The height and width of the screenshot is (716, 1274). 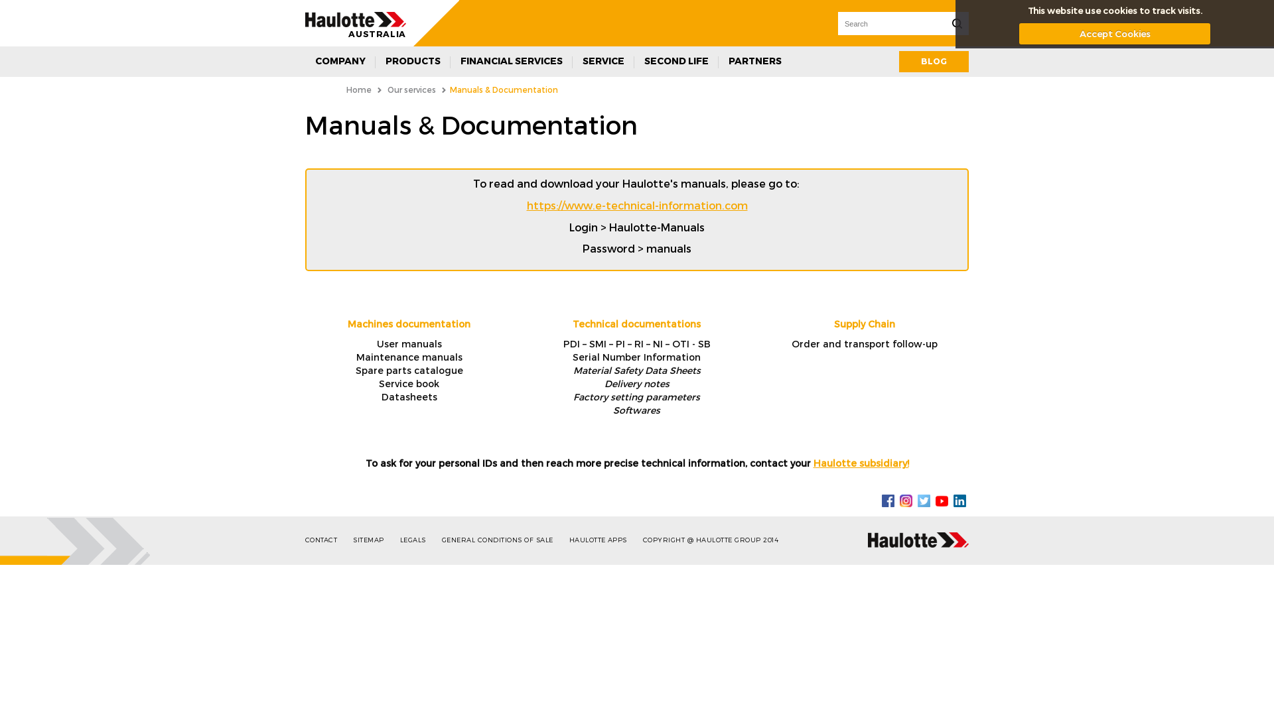 What do you see at coordinates (503, 540) in the screenshot?
I see `'GENERAL CONDITIONS OF SALE'` at bounding box center [503, 540].